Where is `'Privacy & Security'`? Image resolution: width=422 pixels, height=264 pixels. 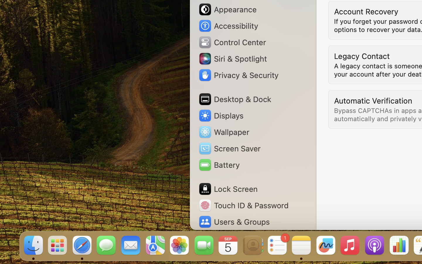
'Privacy & Security' is located at coordinates (238, 75).